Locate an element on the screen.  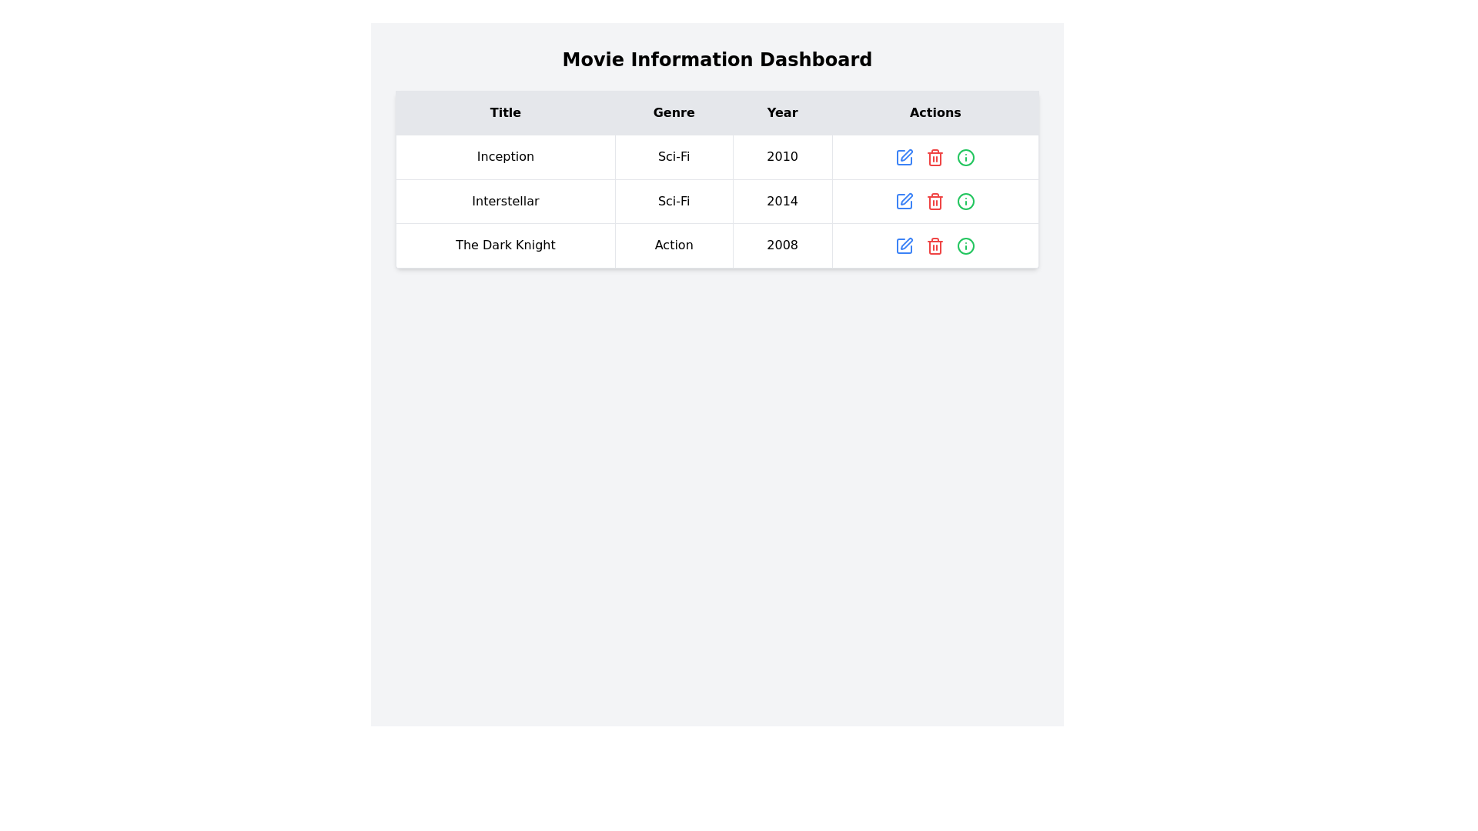
the trash icon located in the 'Actions' column of the second row in the table for the 'Interstellar' movie entry is located at coordinates (935, 159).